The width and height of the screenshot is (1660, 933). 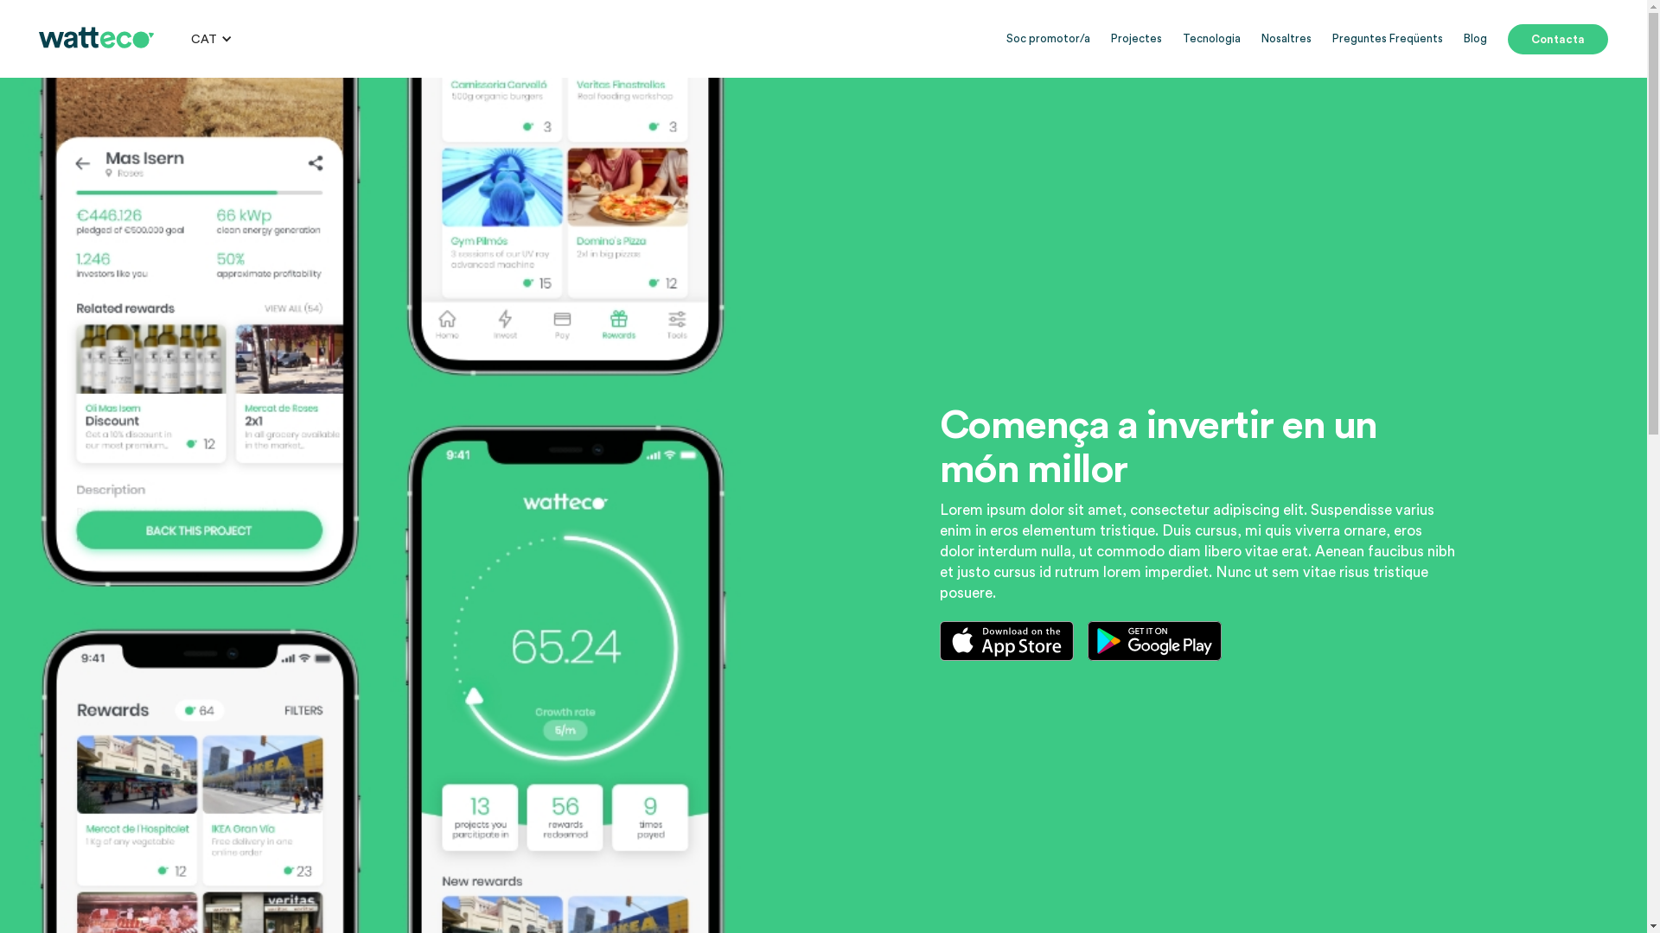 What do you see at coordinates (1557, 39) in the screenshot?
I see `'Contacta'` at bounding box center [1557, 39].